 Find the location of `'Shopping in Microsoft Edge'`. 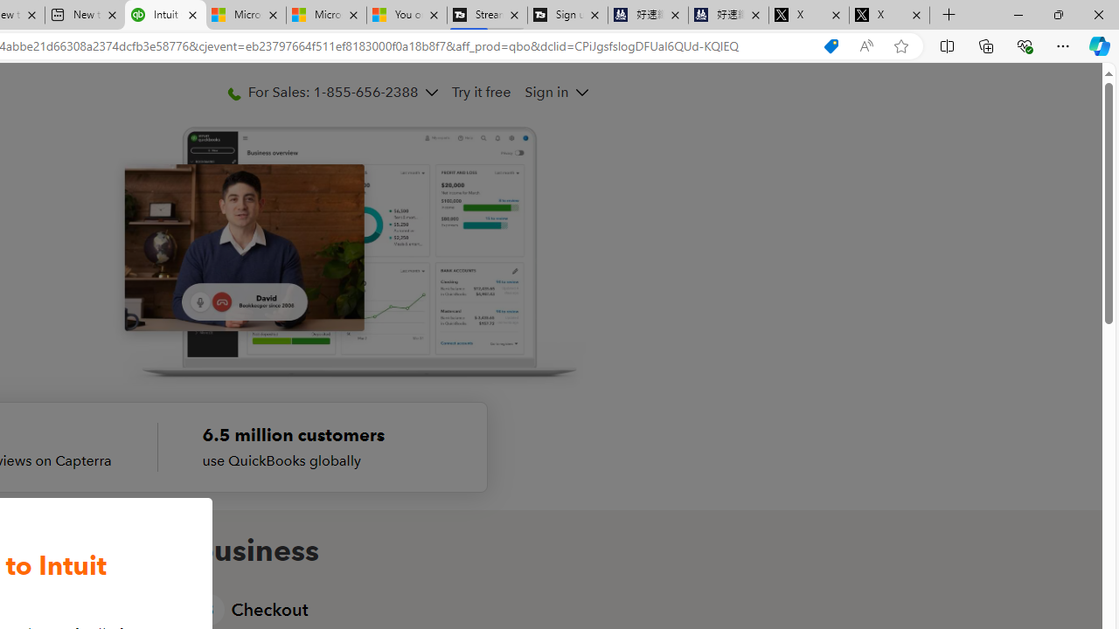

'Shopping in Microsoft Edge' is located at coordinates (831, 45).